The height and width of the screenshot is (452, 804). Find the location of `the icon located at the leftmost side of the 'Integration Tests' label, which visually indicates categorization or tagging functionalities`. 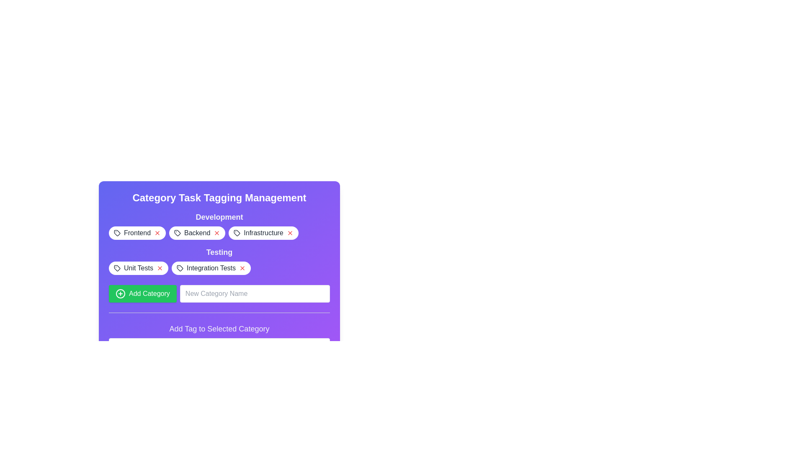

the icon located at the leftmost side of the 'Integration Tests' label, which visually indicates categorization or tagging functionalities is located at coordinates (179, 268).